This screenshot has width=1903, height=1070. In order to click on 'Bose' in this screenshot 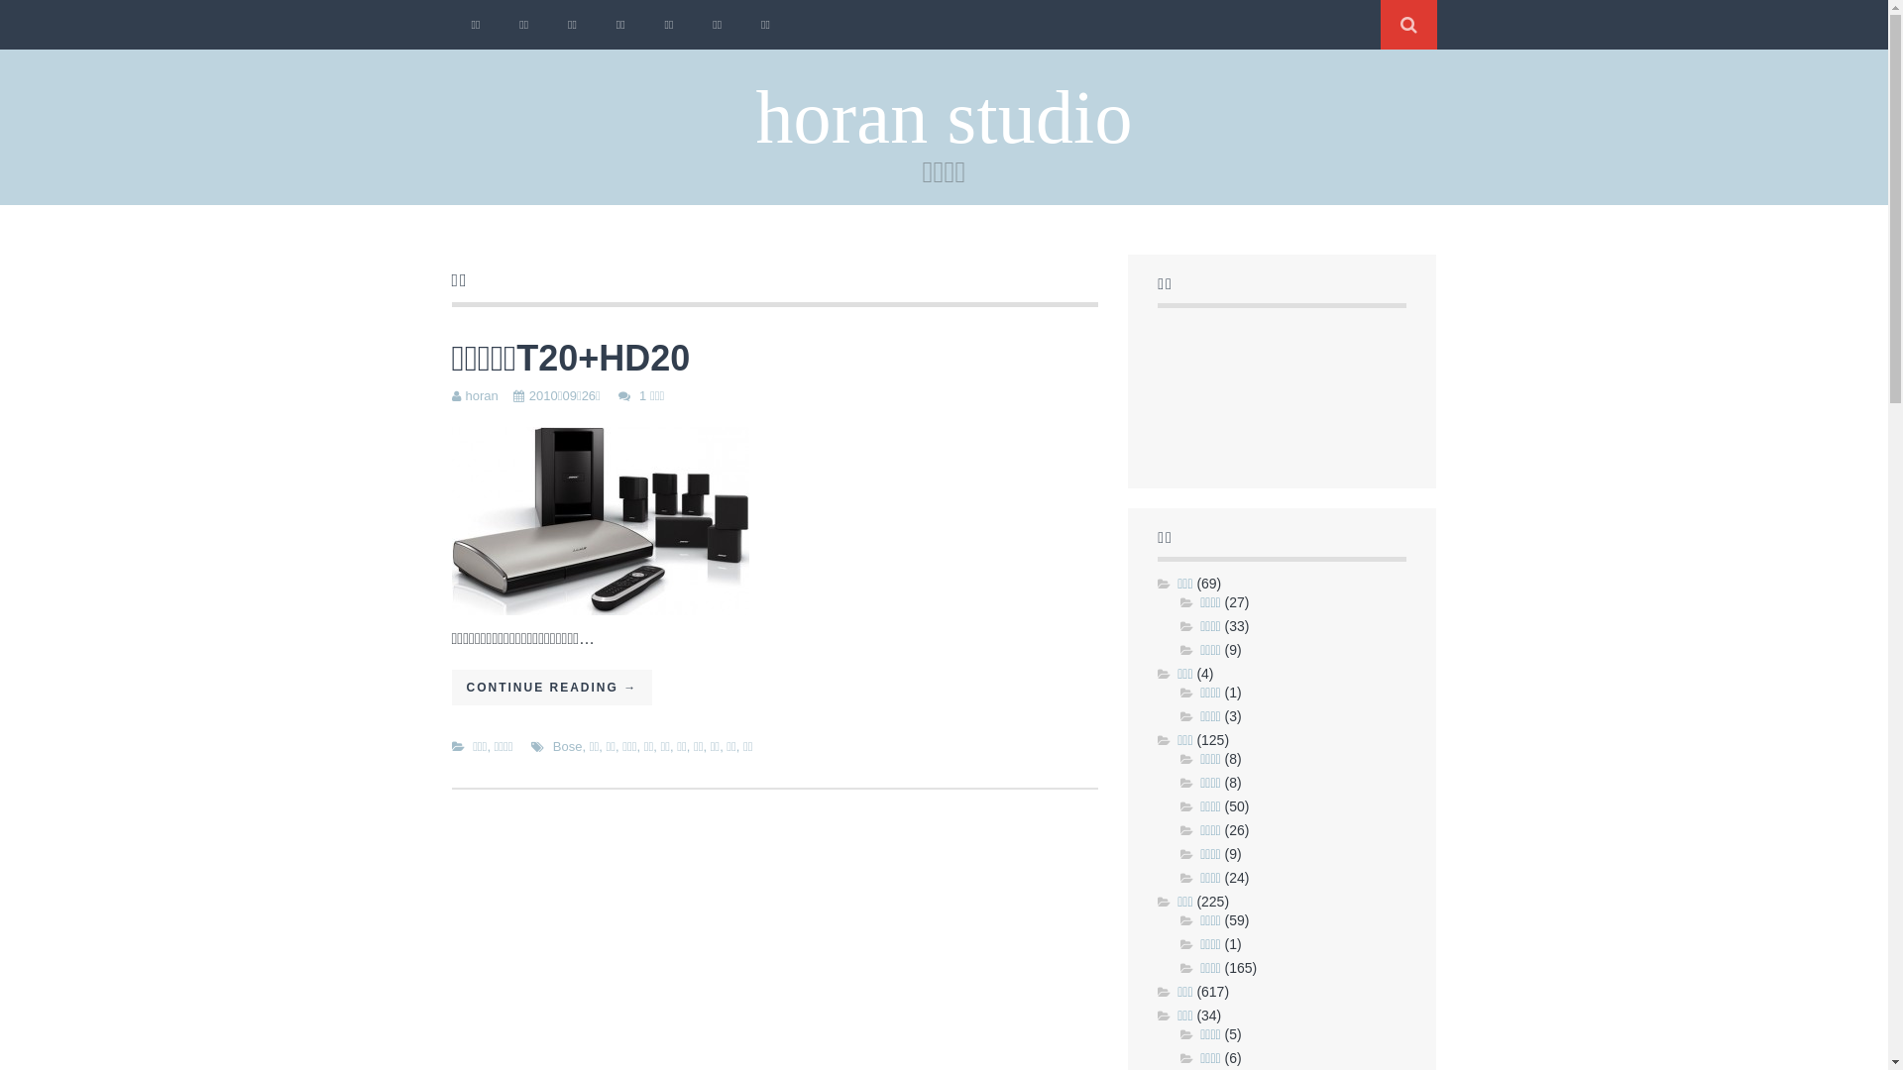, I will do `click(566, 746)`.